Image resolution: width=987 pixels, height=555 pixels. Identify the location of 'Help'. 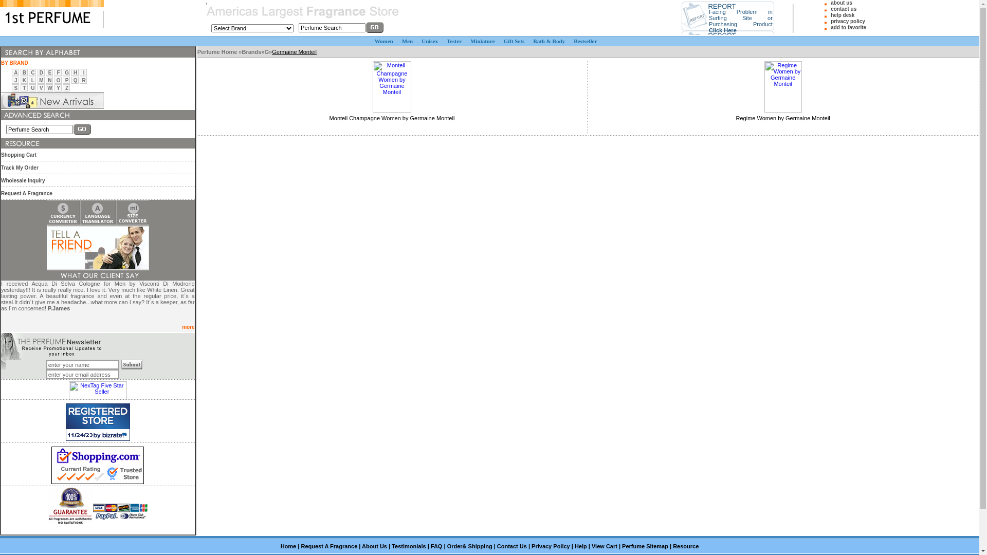
(580, 546).